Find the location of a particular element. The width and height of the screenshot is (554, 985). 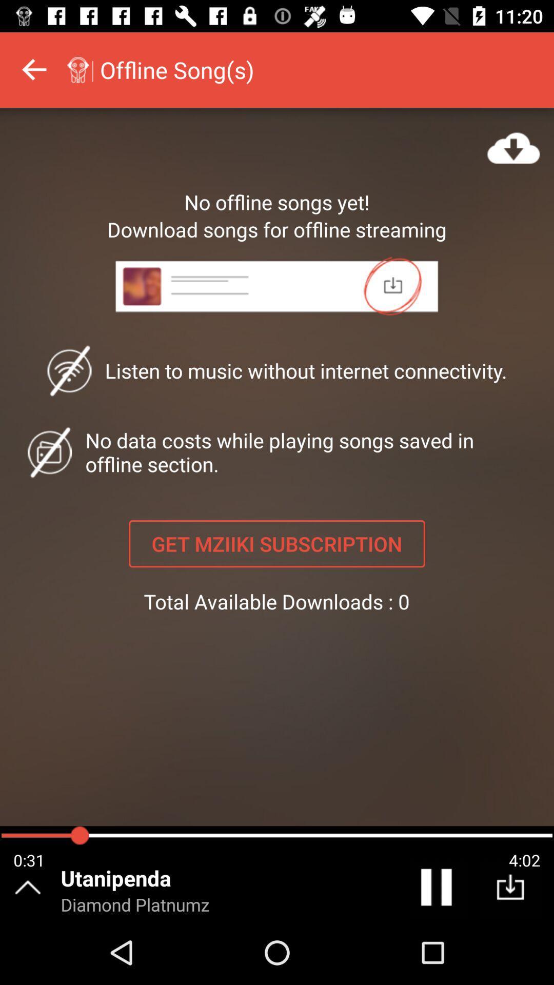

the pause icon is located at coordinates (438, 889).